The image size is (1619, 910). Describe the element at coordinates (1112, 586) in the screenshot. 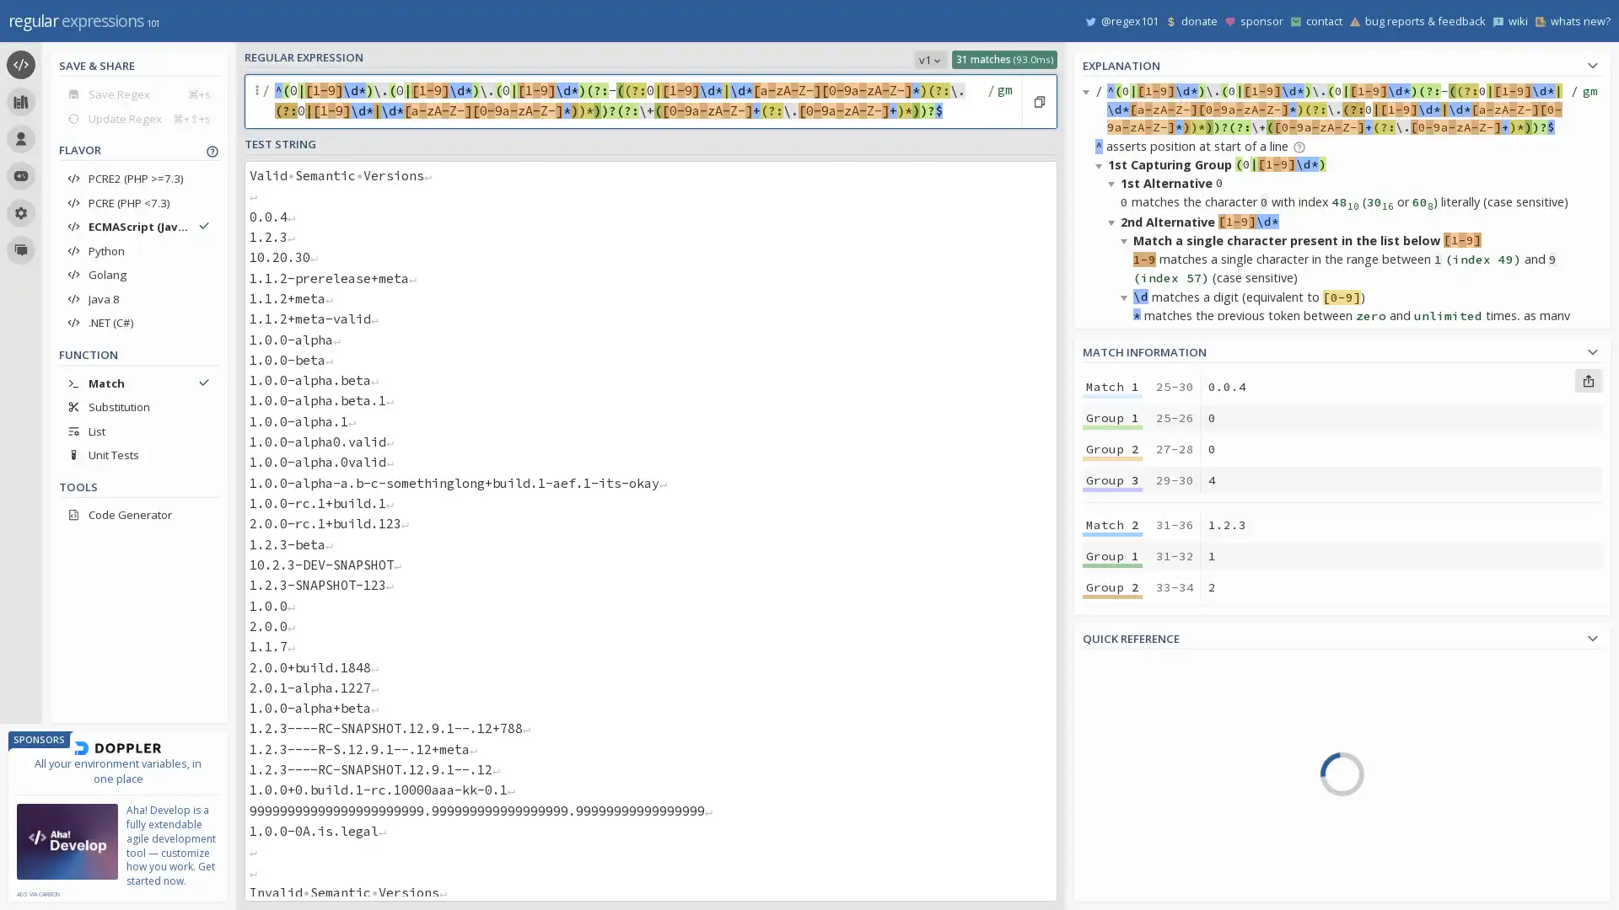

I see `Group 2` at that location.